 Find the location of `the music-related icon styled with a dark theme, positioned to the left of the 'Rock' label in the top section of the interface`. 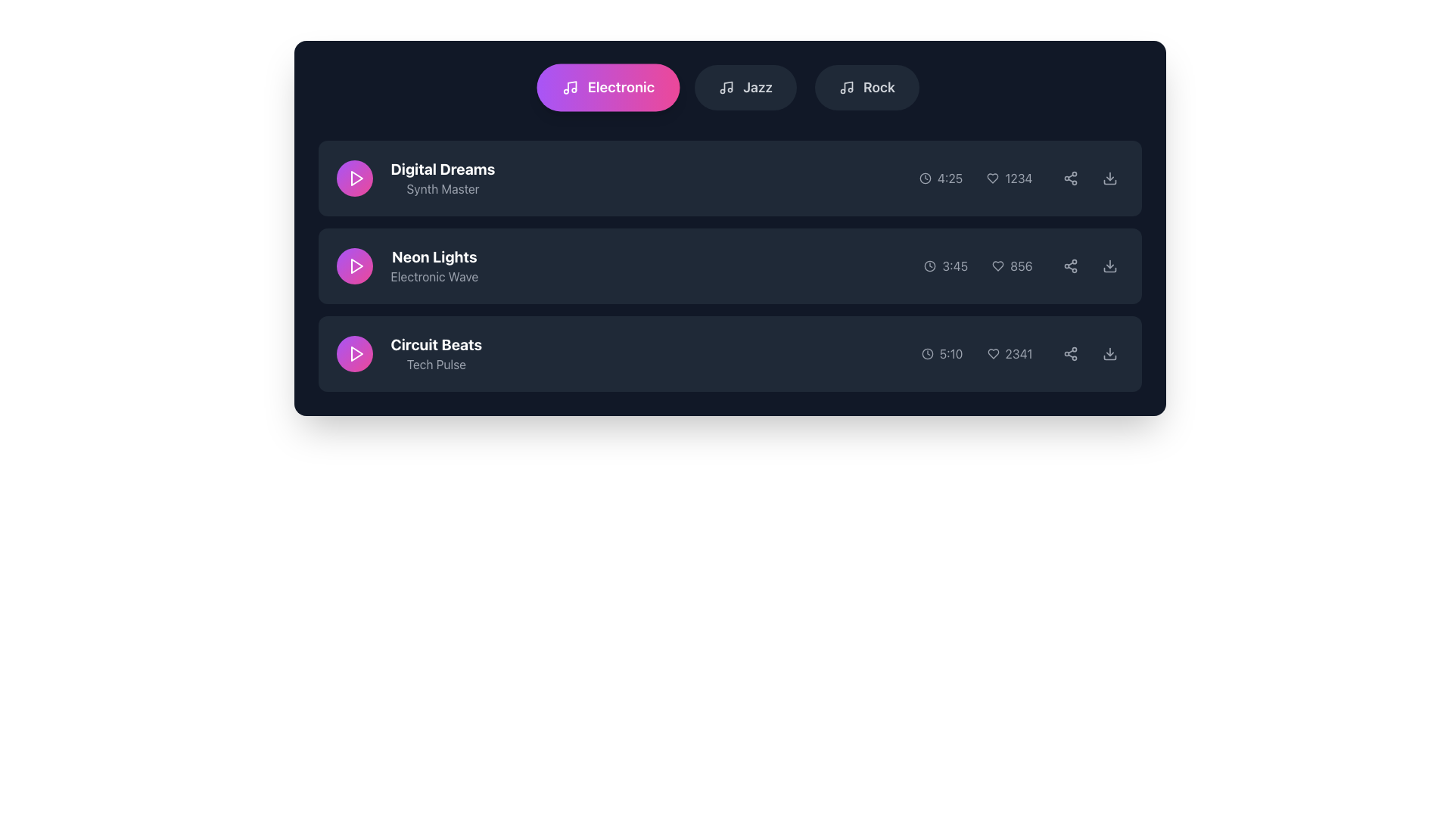

the music-related icon styled with a dark theme, positioned to the left of the 'Rock' label in the top section of the interface is located at coordinates (845, 87).